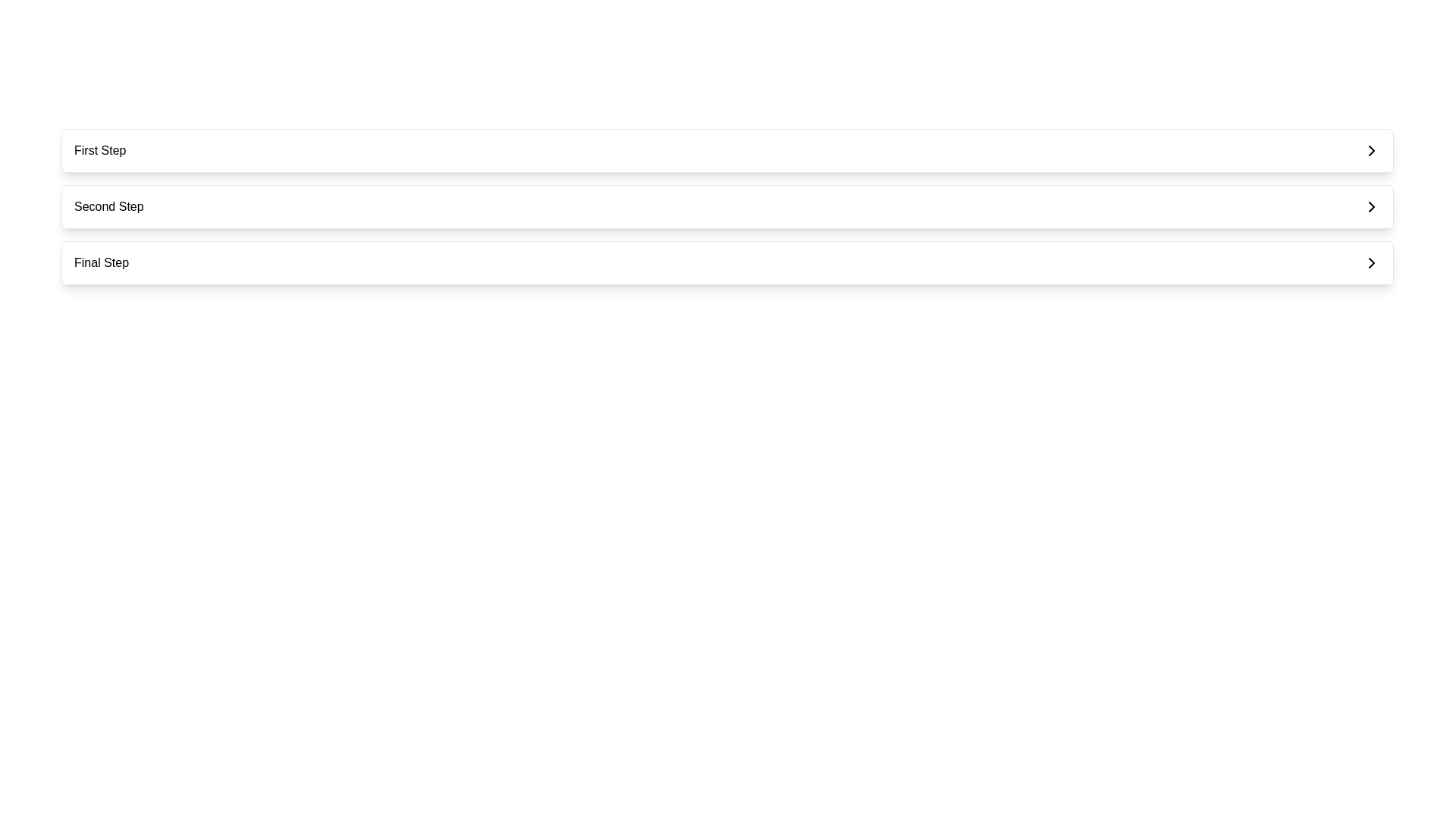 The width and height of the screenshot is (1456, 819). I want to click on the right-facing chevron arrow icon located at the far-right side of the interface within the 'Final Step' list item, aligned with the text 'Final Step', so click(1372, 262).